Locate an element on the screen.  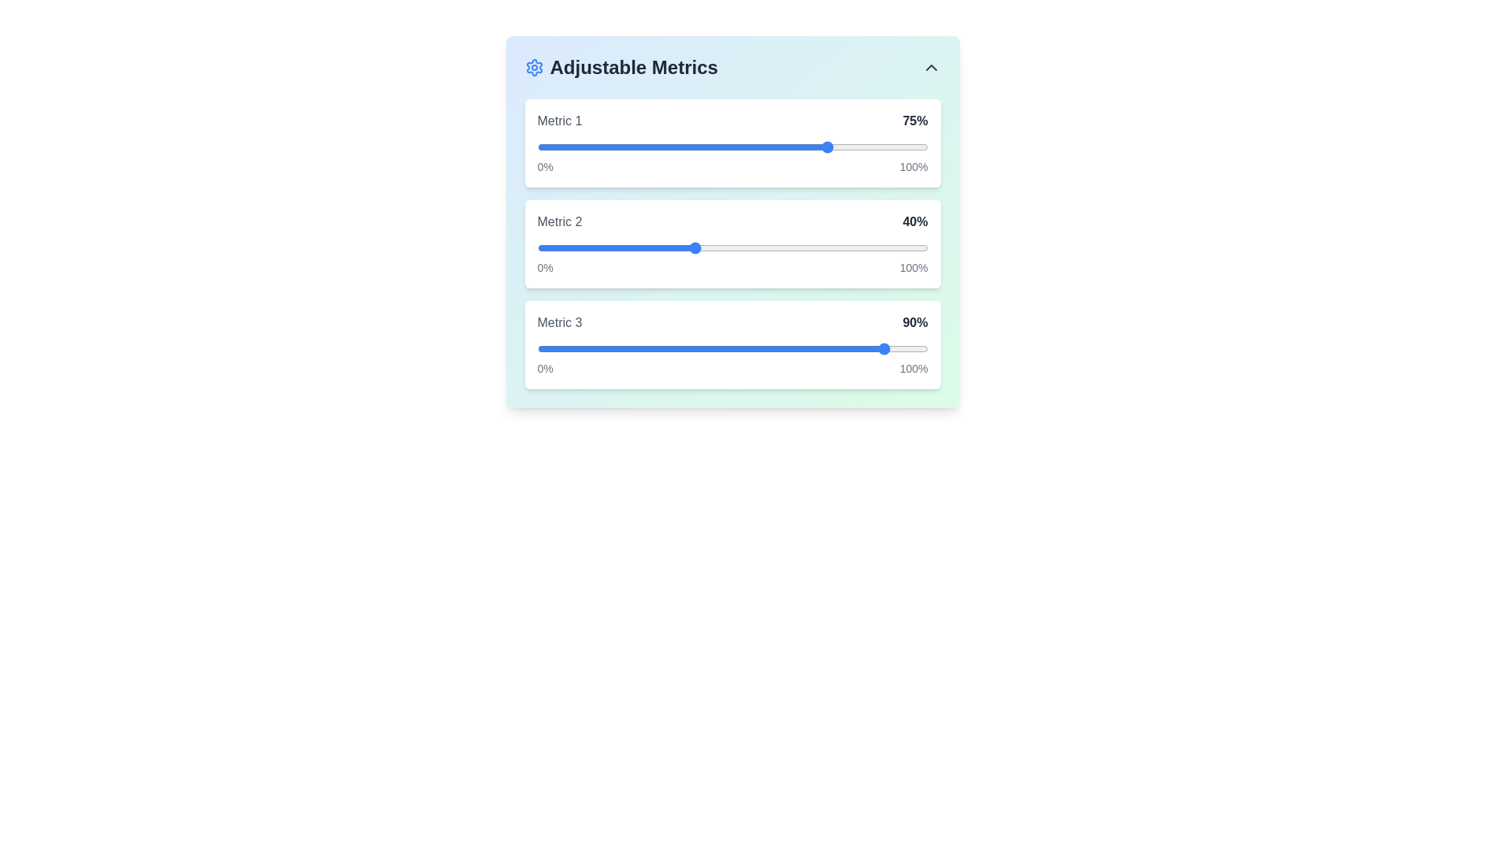
the 'Metric 1' text label, which is displayed in a medium-sized gray font and is positioned on the far left of a row above a progress bar is located at coordinates (559, 121).